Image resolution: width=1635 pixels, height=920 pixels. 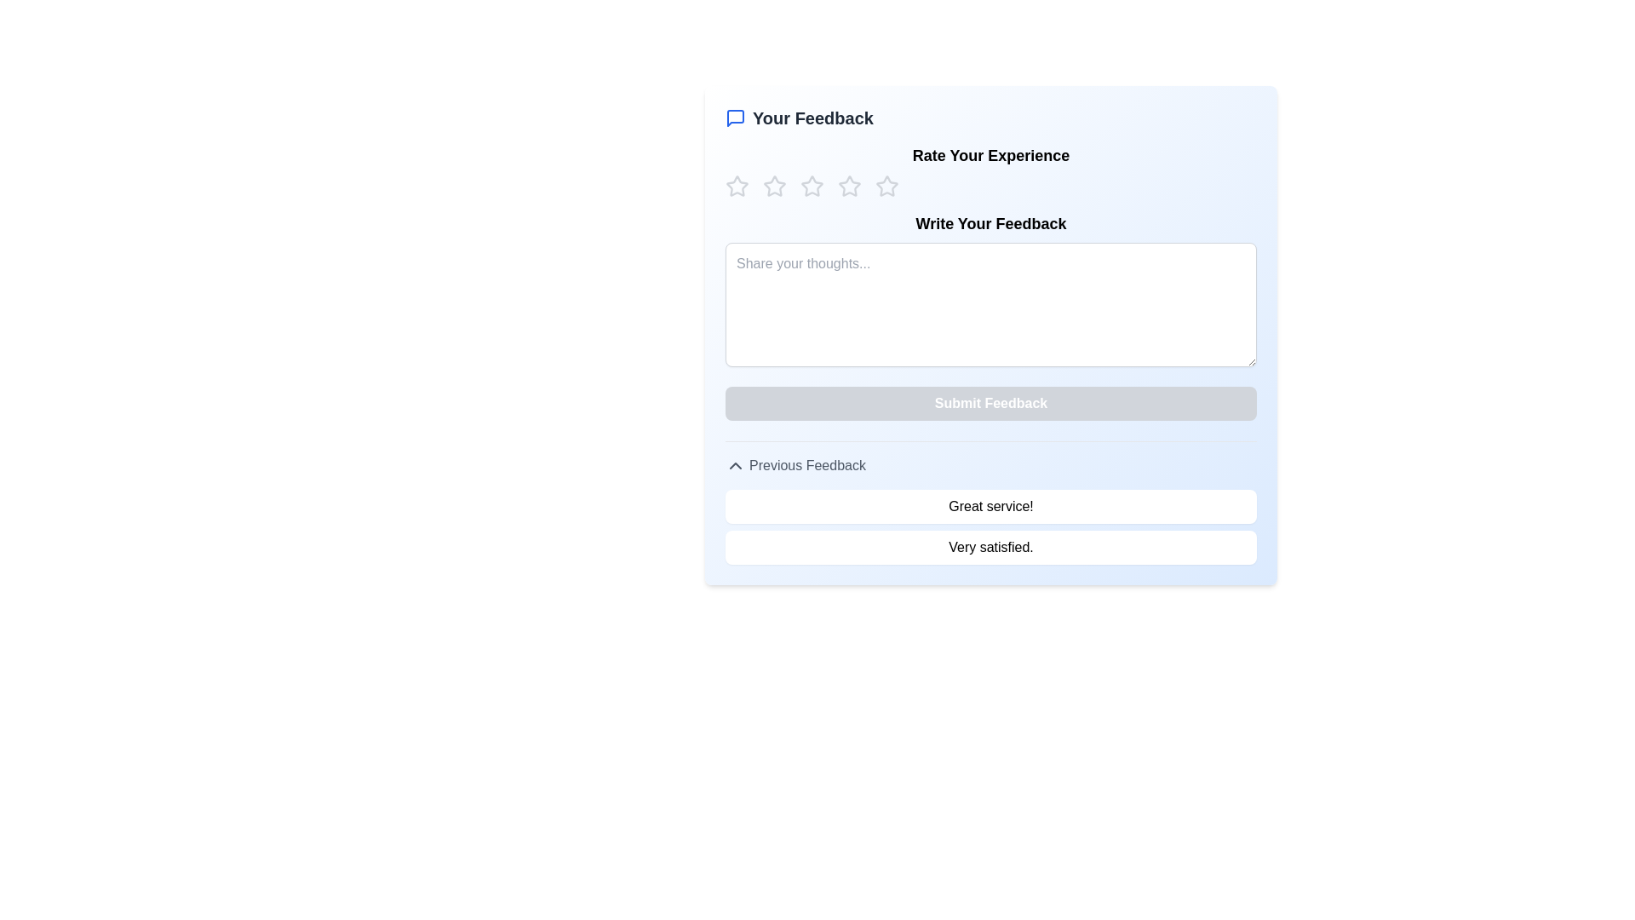 I want to click on the fourth star icon in the rating system, positioned above the 'Write Your Feedback' text area and aligned with the 'Rate Your Experience' label, so click(x=850, y=187).